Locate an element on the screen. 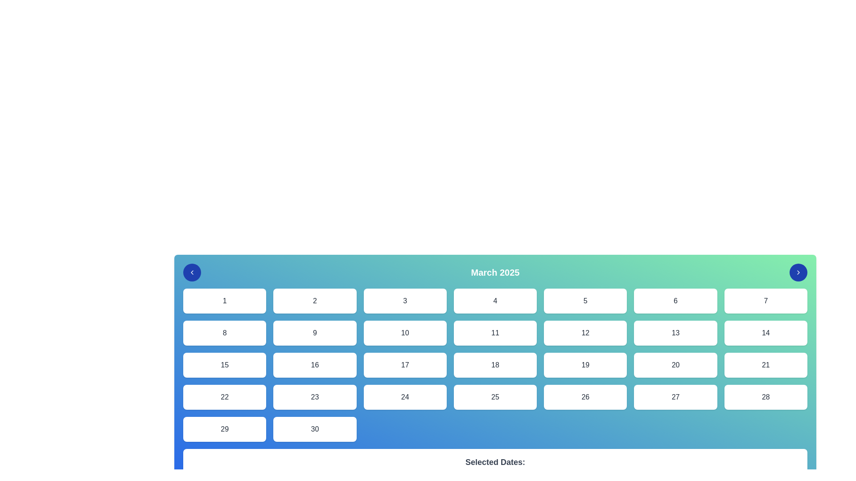  the selectable calendar day button displaying the number '14', which is part of a grid layout located in the second row, seventh column is located at coordinates (765, 333).